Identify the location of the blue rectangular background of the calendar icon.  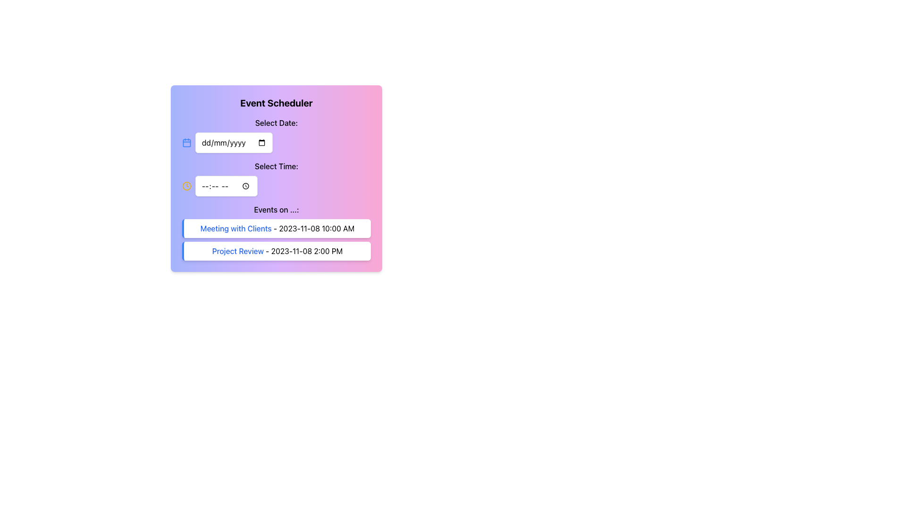
(186, 143).